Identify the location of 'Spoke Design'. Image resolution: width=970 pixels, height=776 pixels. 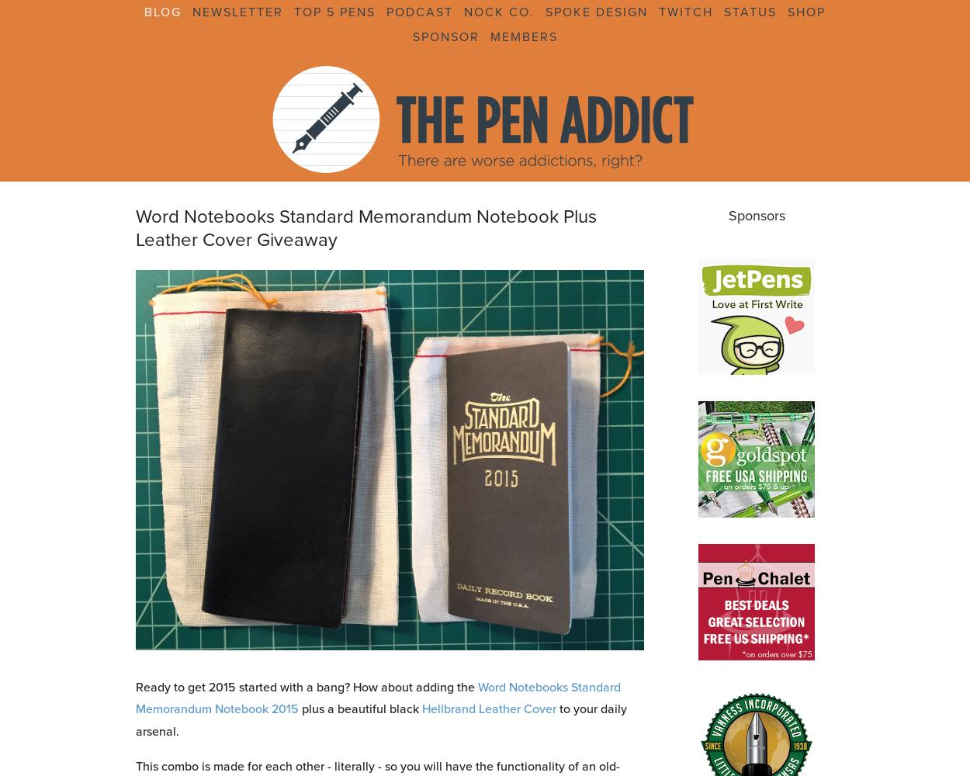
(597, 12).